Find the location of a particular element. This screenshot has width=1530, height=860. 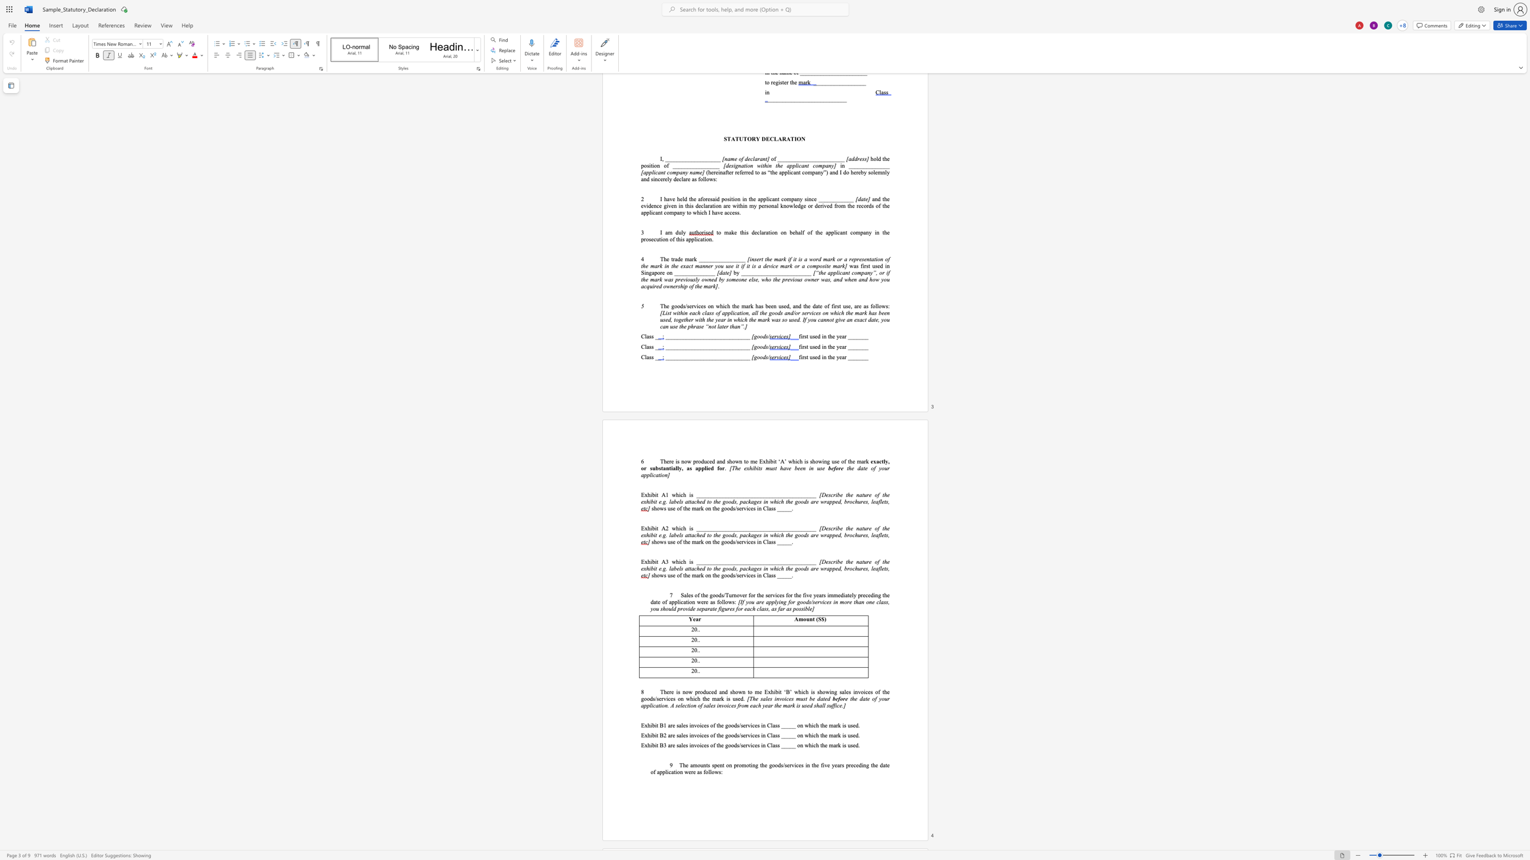

the space between the continuous character "u" and "r" in the text is located at coordinates (865, 528).